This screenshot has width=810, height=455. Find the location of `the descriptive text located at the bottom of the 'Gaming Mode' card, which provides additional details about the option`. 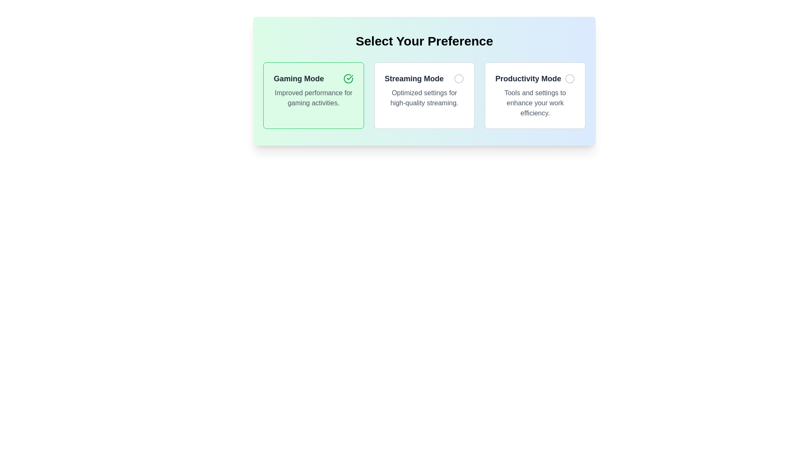

the descriptive text located at the bottom of the 'Gaming Mode' card, which provides additional details about the option is located at coordinates (313, 97).